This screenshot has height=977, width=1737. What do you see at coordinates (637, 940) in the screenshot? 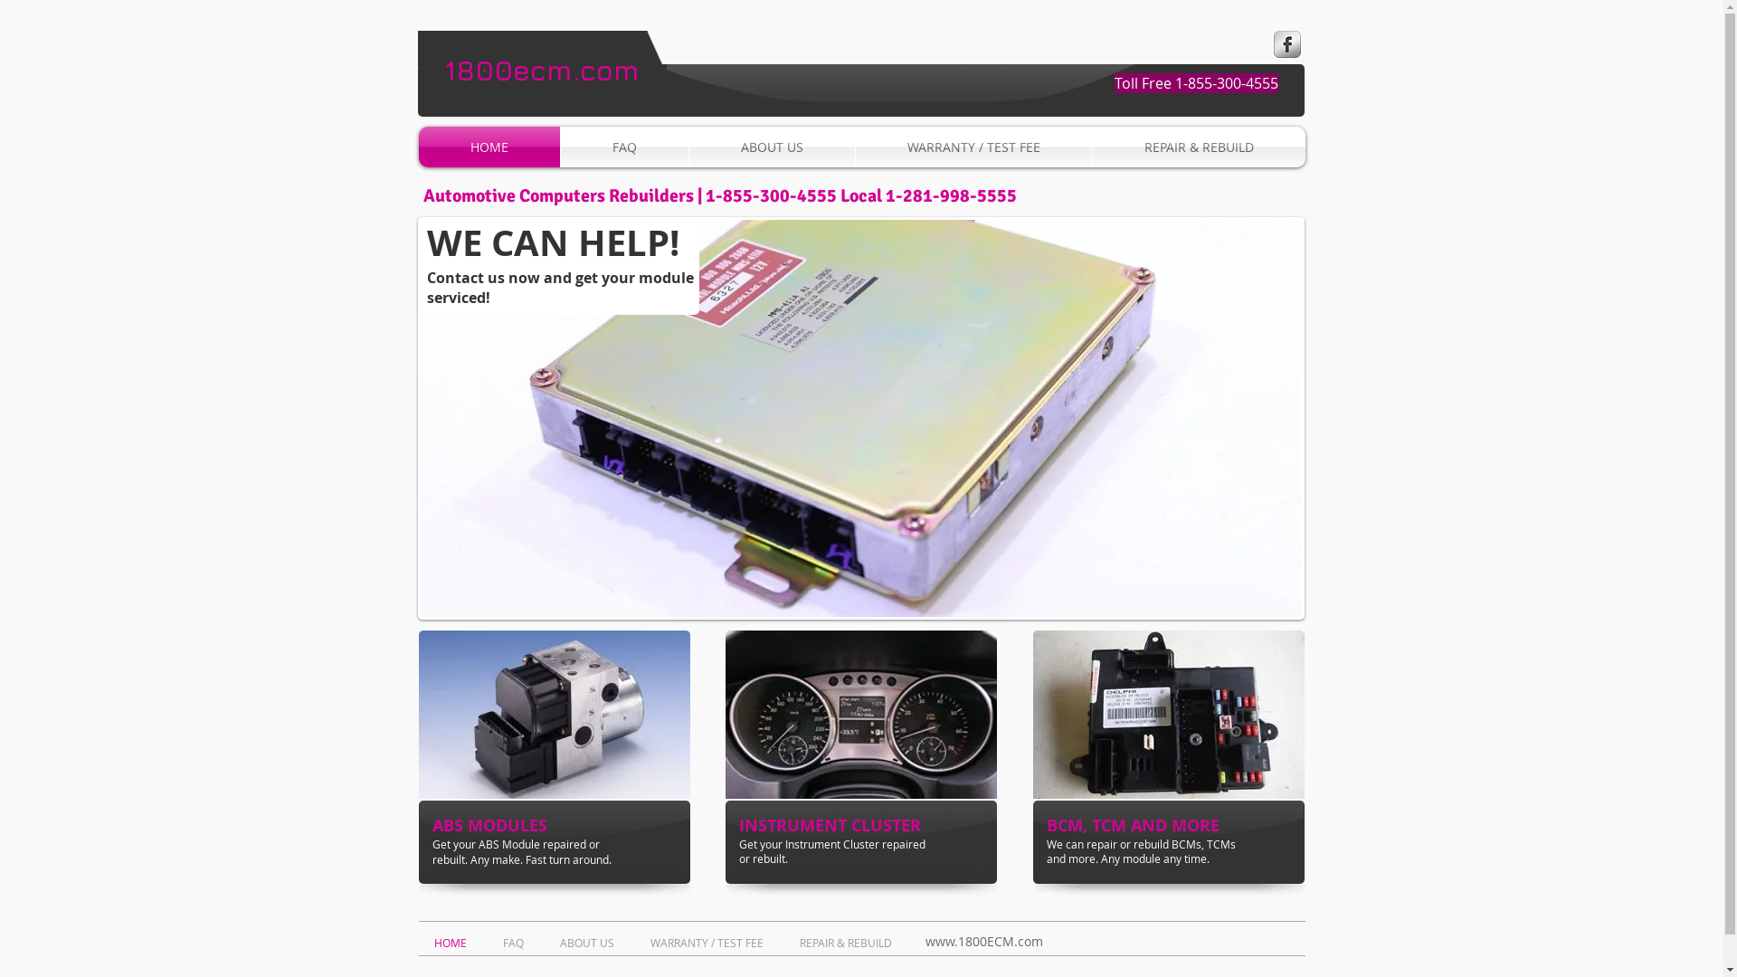
I see `'WARRANTY / TEST FEE'` at bounding box center [637, 940].